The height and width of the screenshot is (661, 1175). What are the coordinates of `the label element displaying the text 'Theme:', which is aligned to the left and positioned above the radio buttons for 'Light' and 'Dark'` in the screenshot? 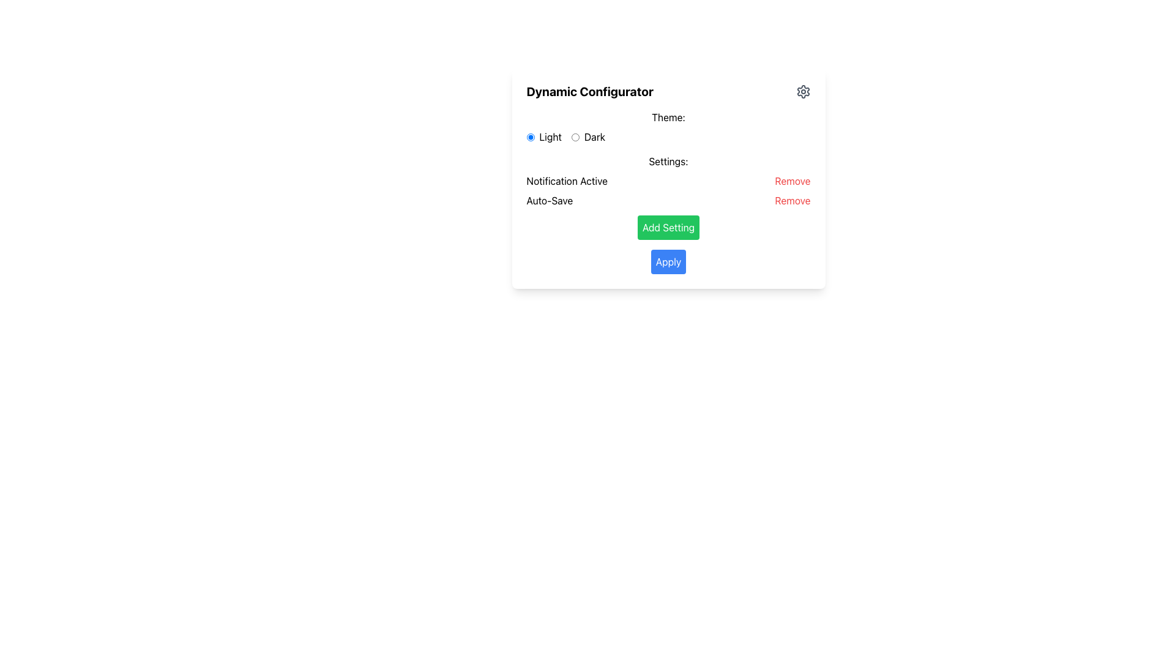 It's located at (668, 118).